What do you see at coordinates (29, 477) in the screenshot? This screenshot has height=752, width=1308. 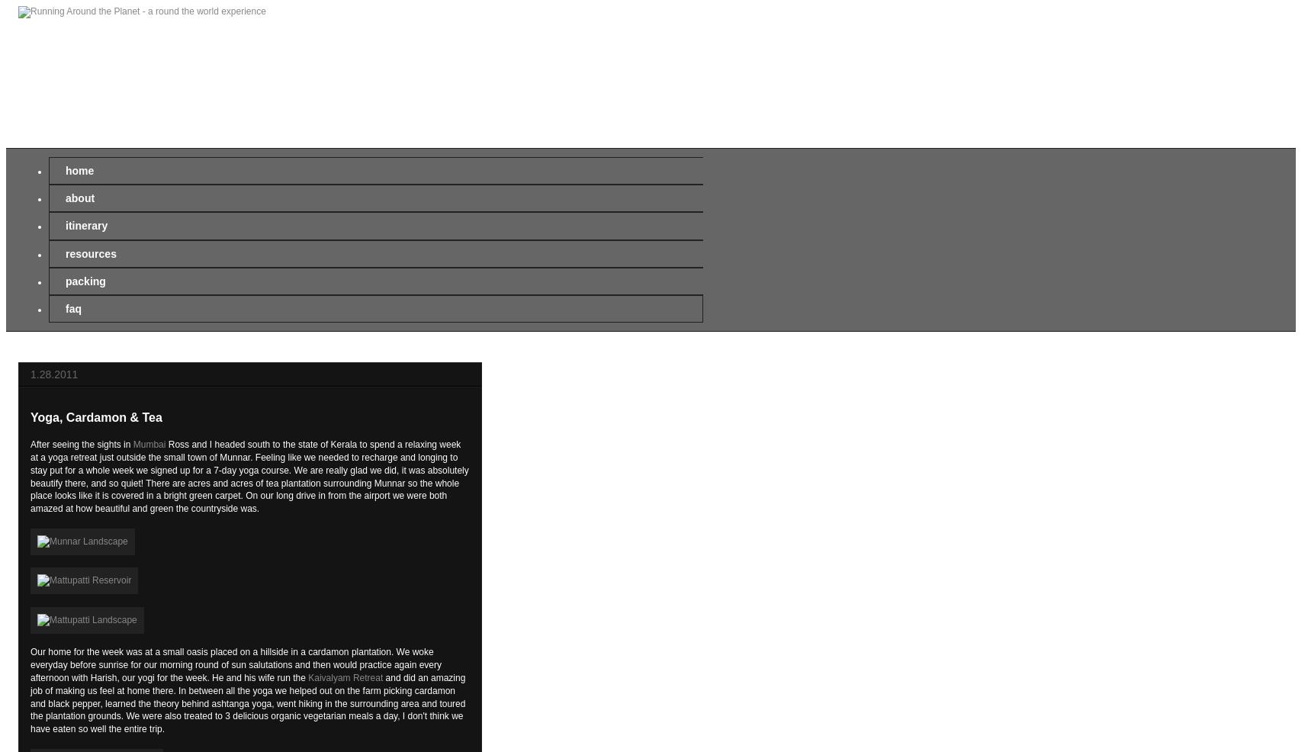 I see `'Ross and I headed south to the state of Kerala to spend a relaxing week at a yoga retreat just outside the small town of Munnar.  Feeling like we needed to recharge and longing to stay put for a whole week we signed up for a 7-day yoga course.  We are really glad we did, it was absolutely beautify there, and so quiet!  There are acres and acres of tea plantation surrounding Munnar so the whole place looks like it is covered in a bright green carpet.  On our long drive in from the airport we were both amazed at how beautiful and green the countryside was.'` at bounding box center [29, 477].